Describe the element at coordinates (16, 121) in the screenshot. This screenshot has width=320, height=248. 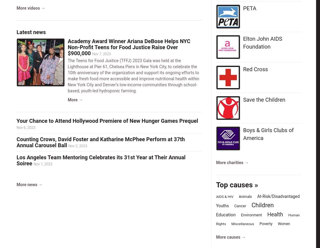
I see `'Your Chance to Attend Hollywood Premiere of New Hunger Games Prequel'` at that location.